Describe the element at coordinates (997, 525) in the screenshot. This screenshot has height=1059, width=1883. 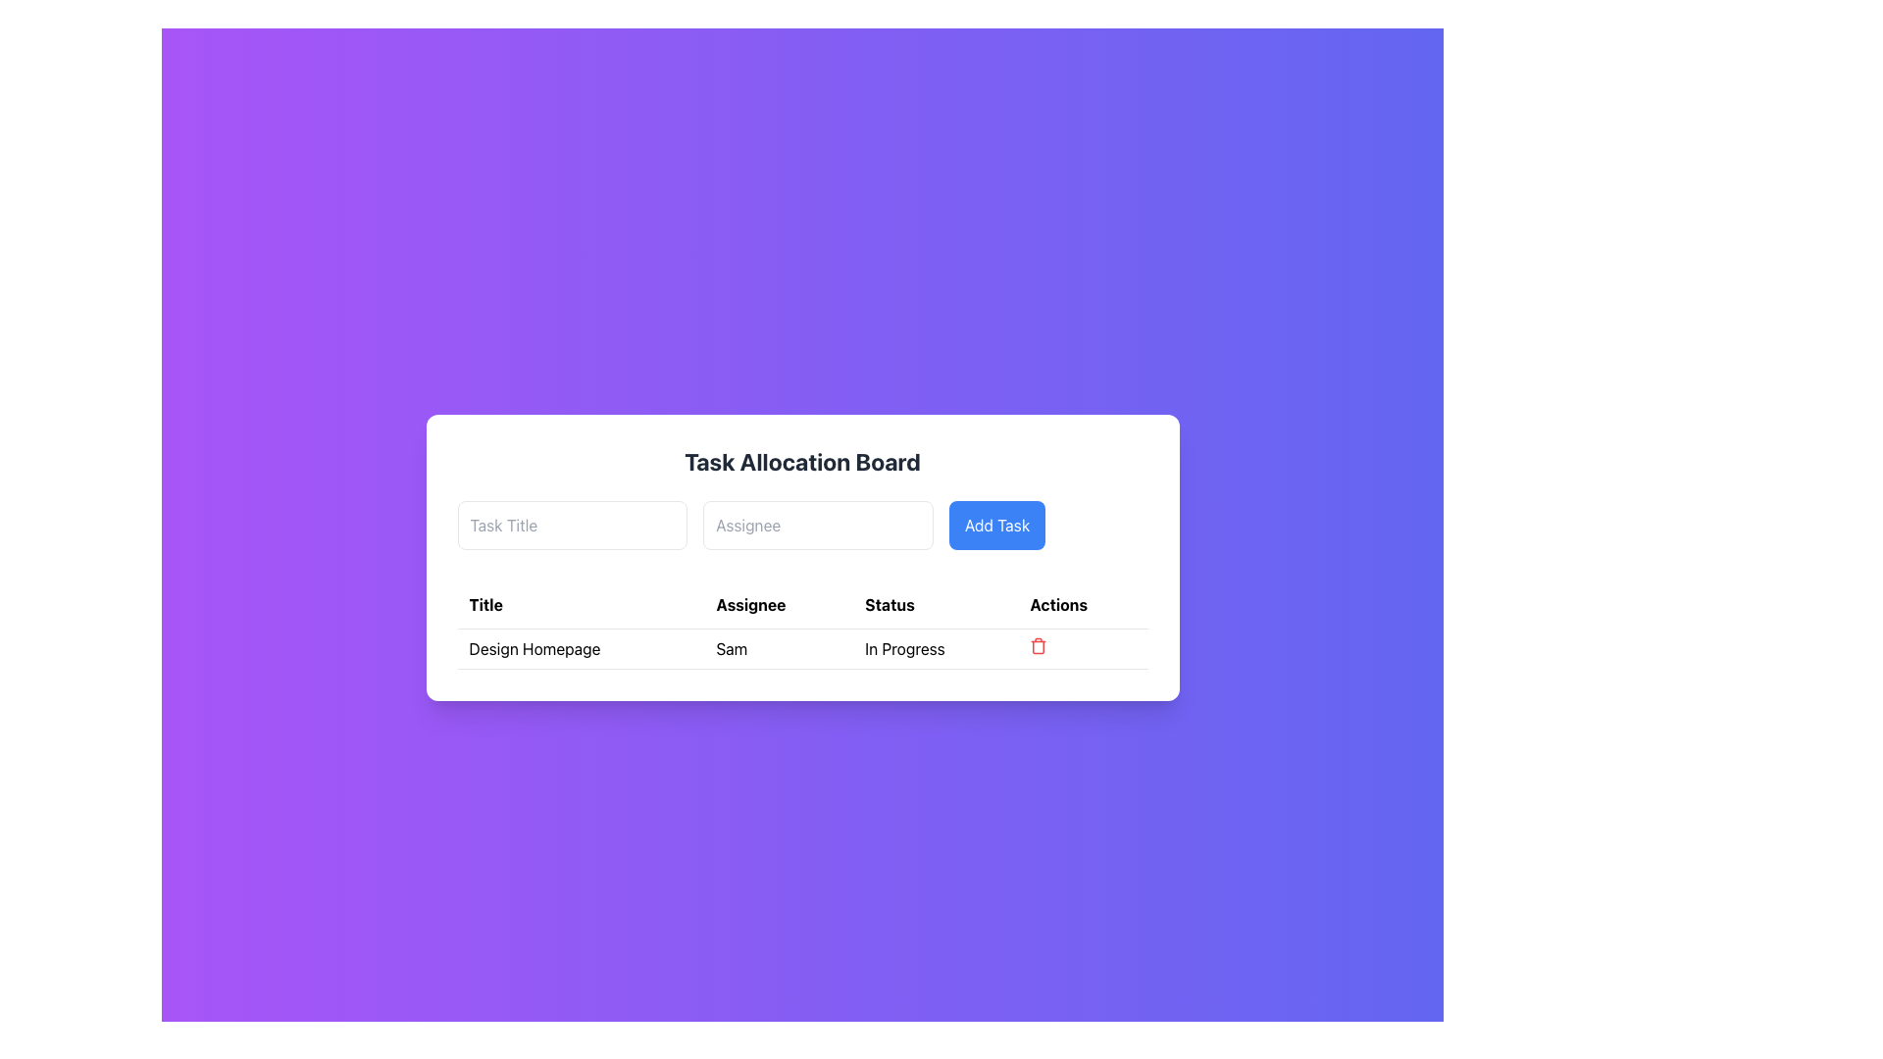
I see `the 'Add Task' button, which is a rectangular button with a blue background and rounded corners` at that location.